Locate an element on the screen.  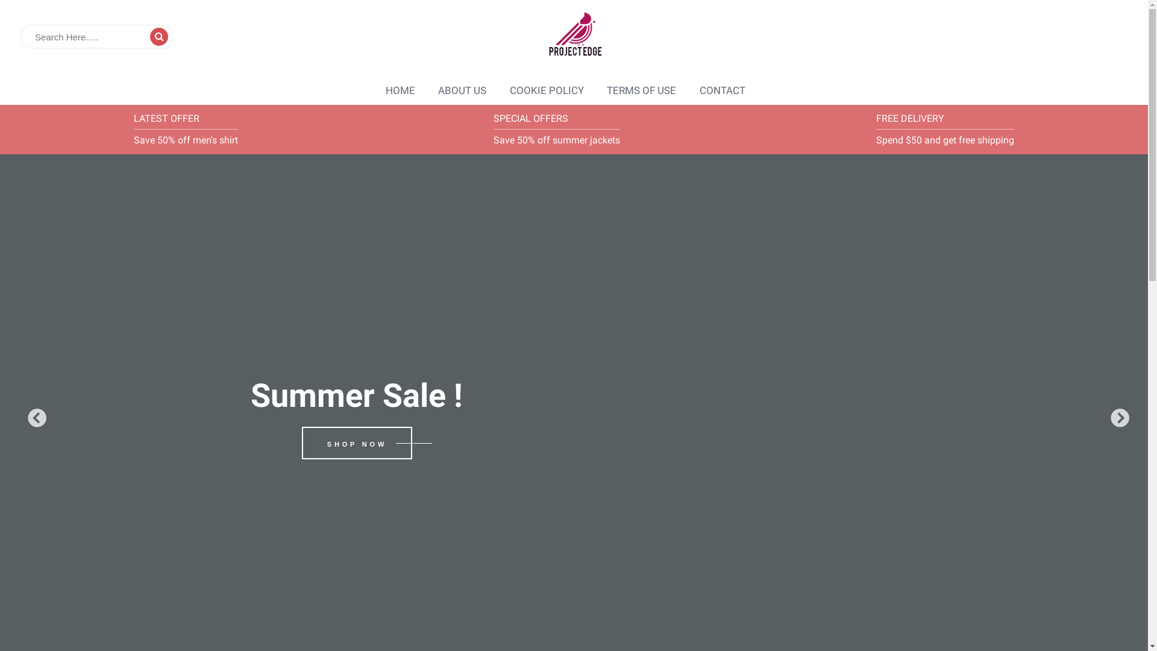
'HOME' is located at coordinates (400, 90).